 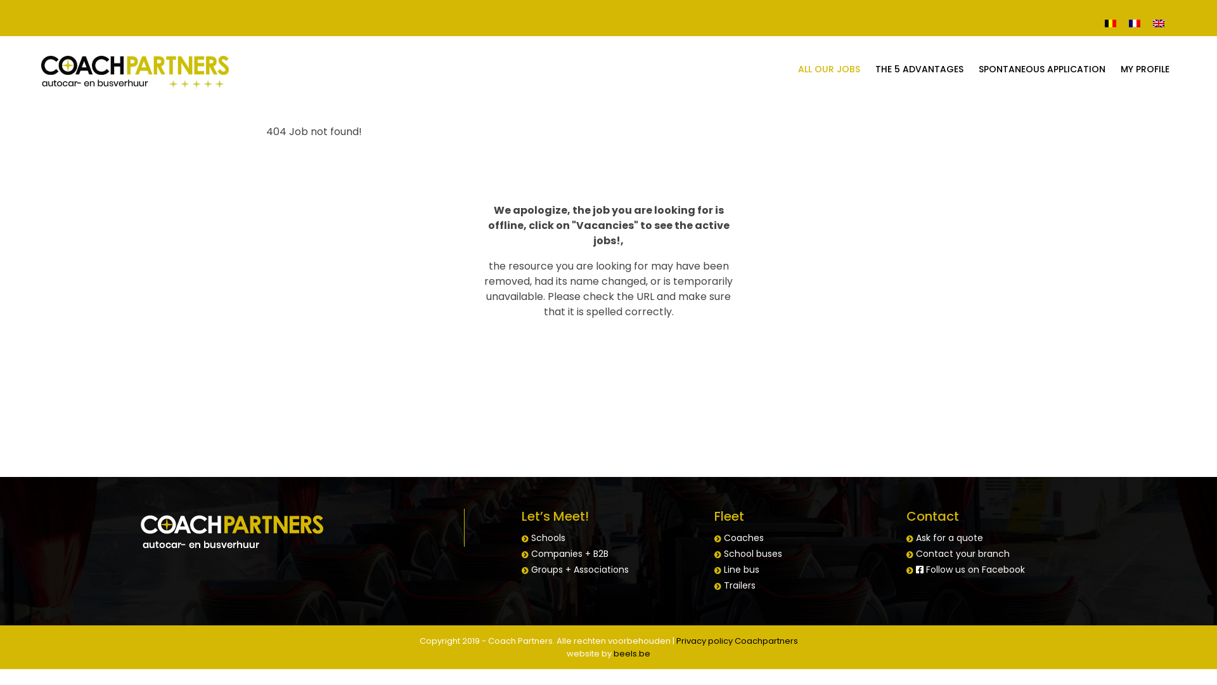 I want to click on 'THE 5 ADVANTAGES', so click(x=919, y=68).